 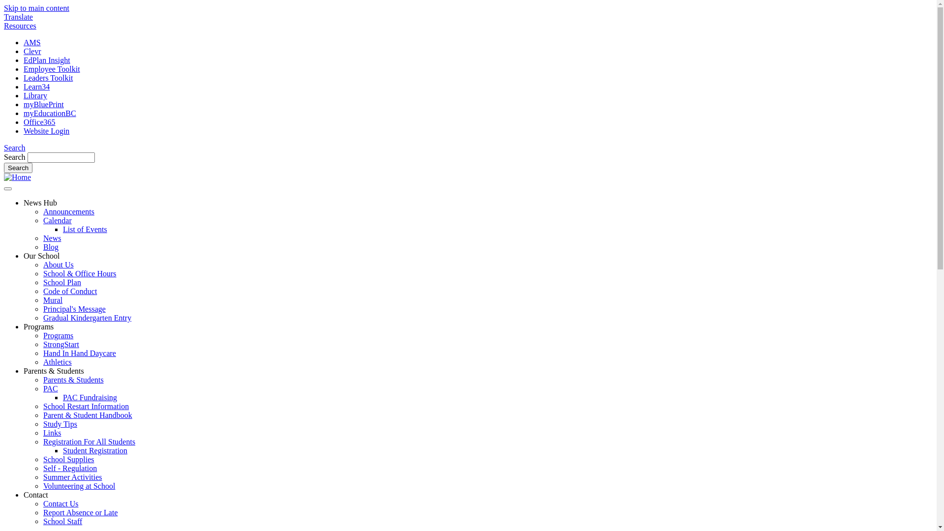 I want to click on 'Programs', so click(x=58, y=335).